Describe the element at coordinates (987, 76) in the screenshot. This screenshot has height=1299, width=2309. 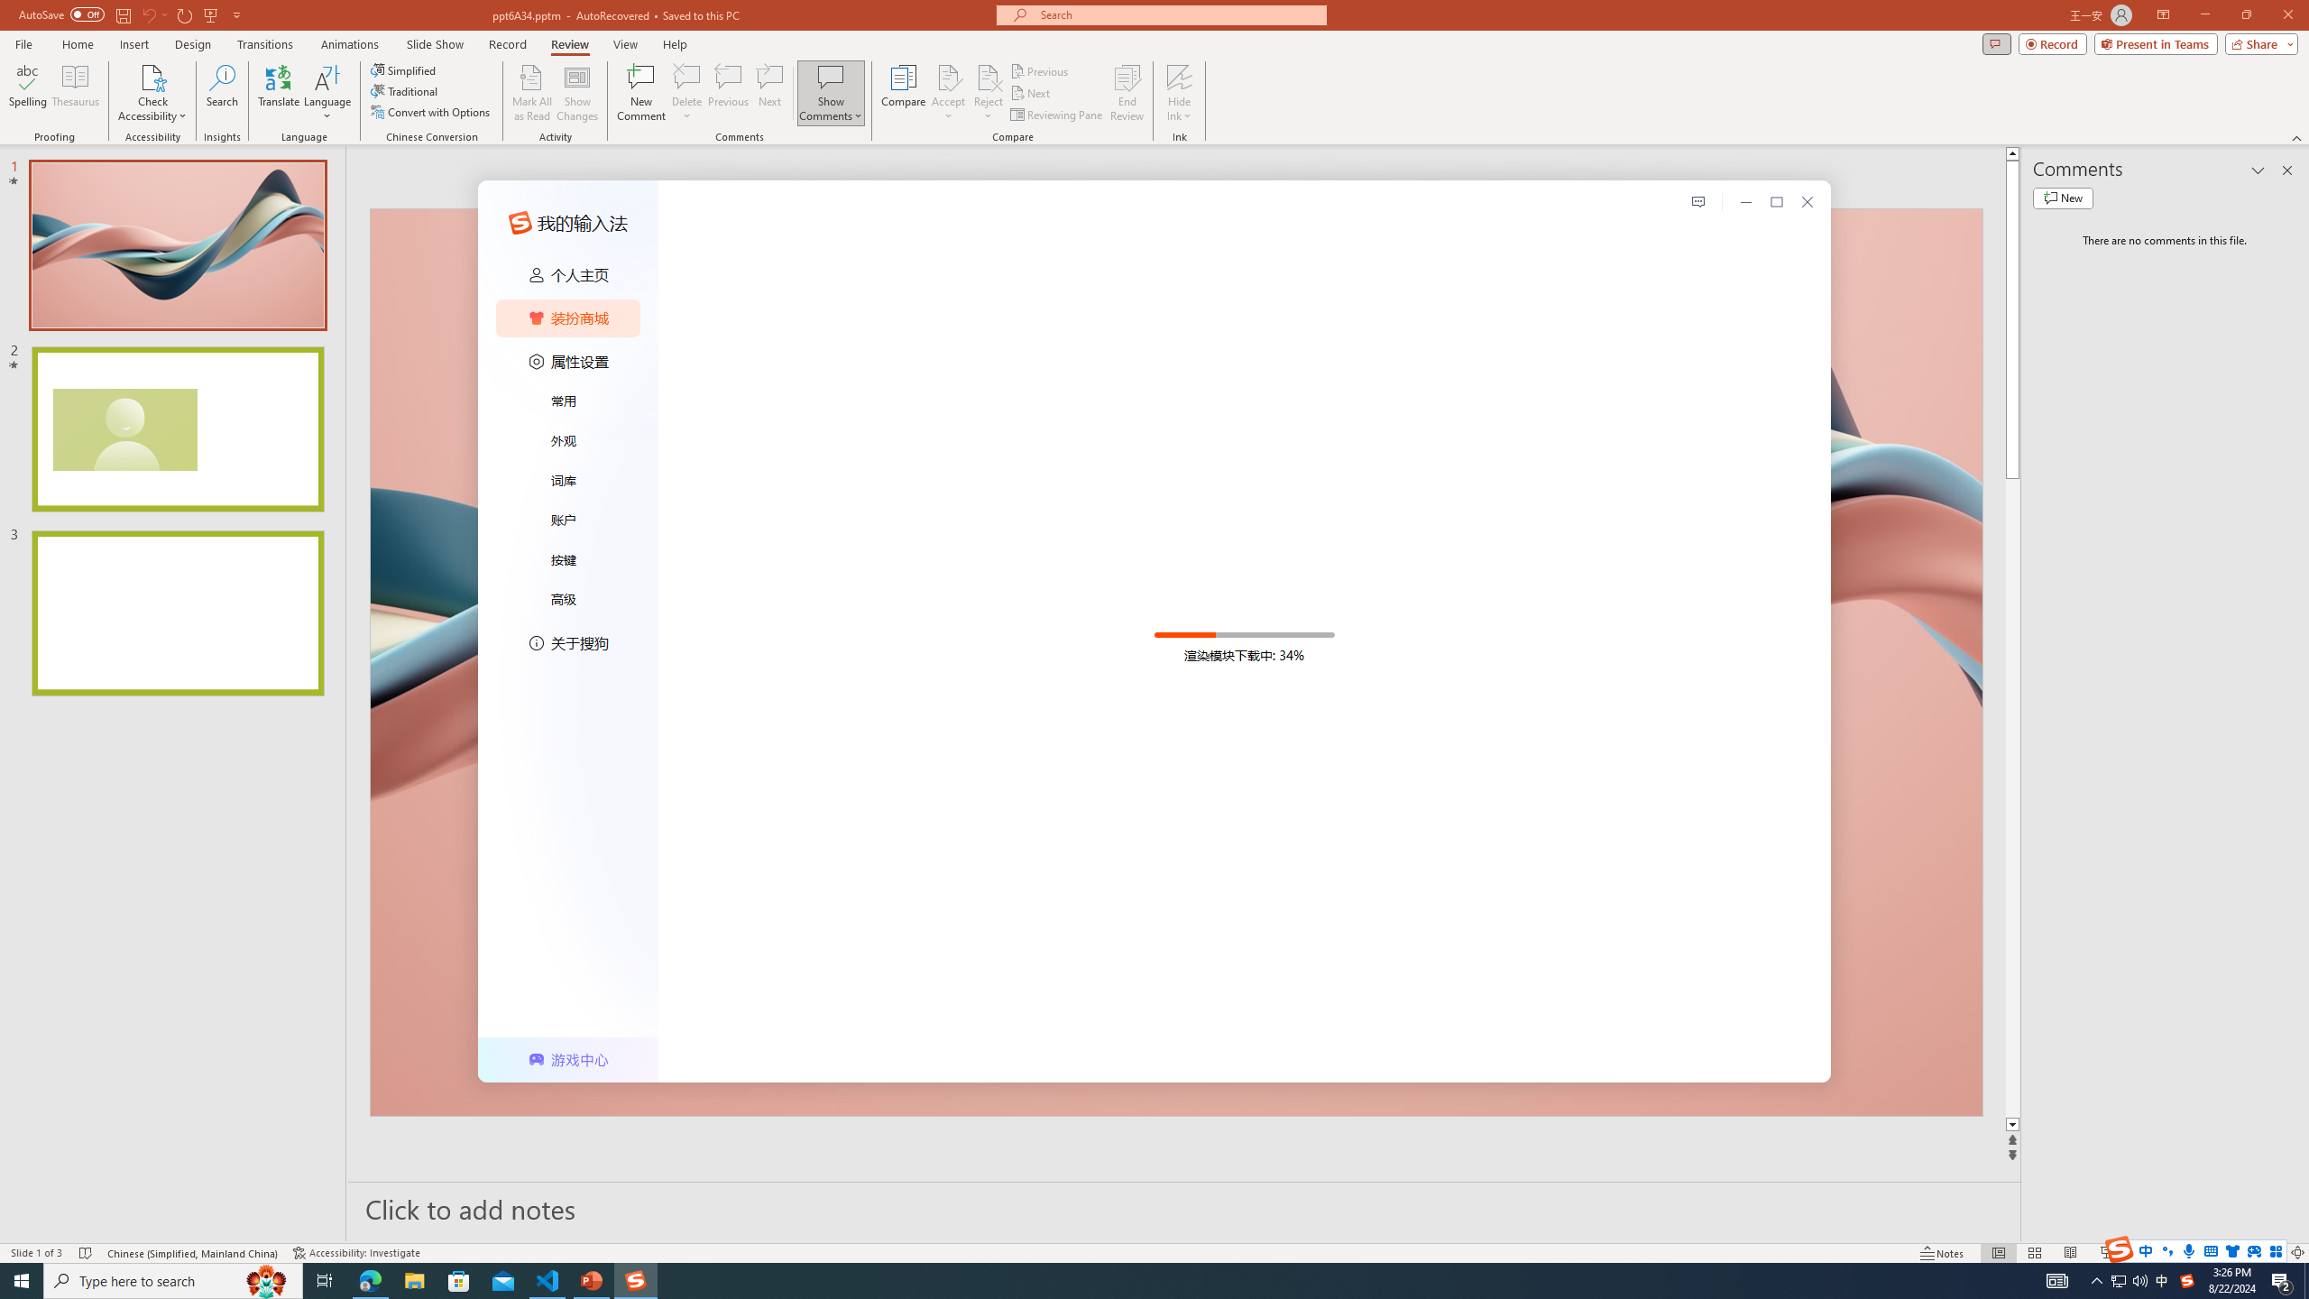
I see `'Reject Change'` at that location.